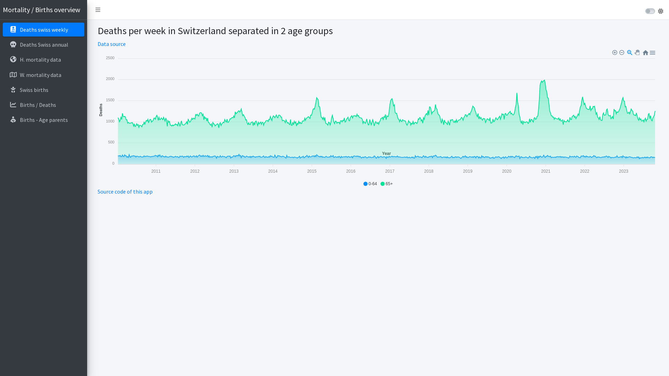 The height and width of the screenshot is (376, 669). I want to click on 'Zoom In', so click(615, 52).